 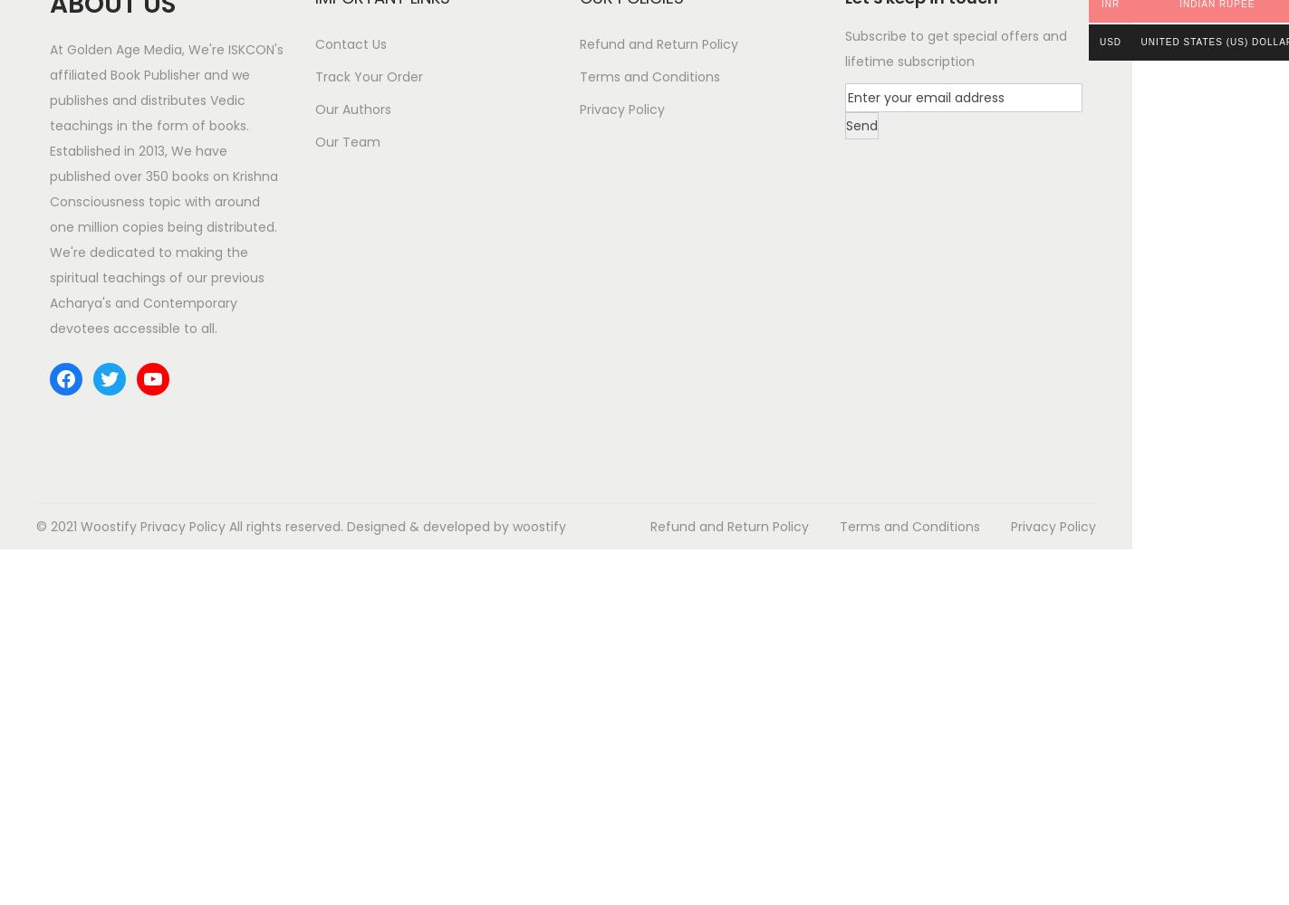 I want to click on 'All rights reserved. Designed & developed by woostify', so click(x=395, y=525).